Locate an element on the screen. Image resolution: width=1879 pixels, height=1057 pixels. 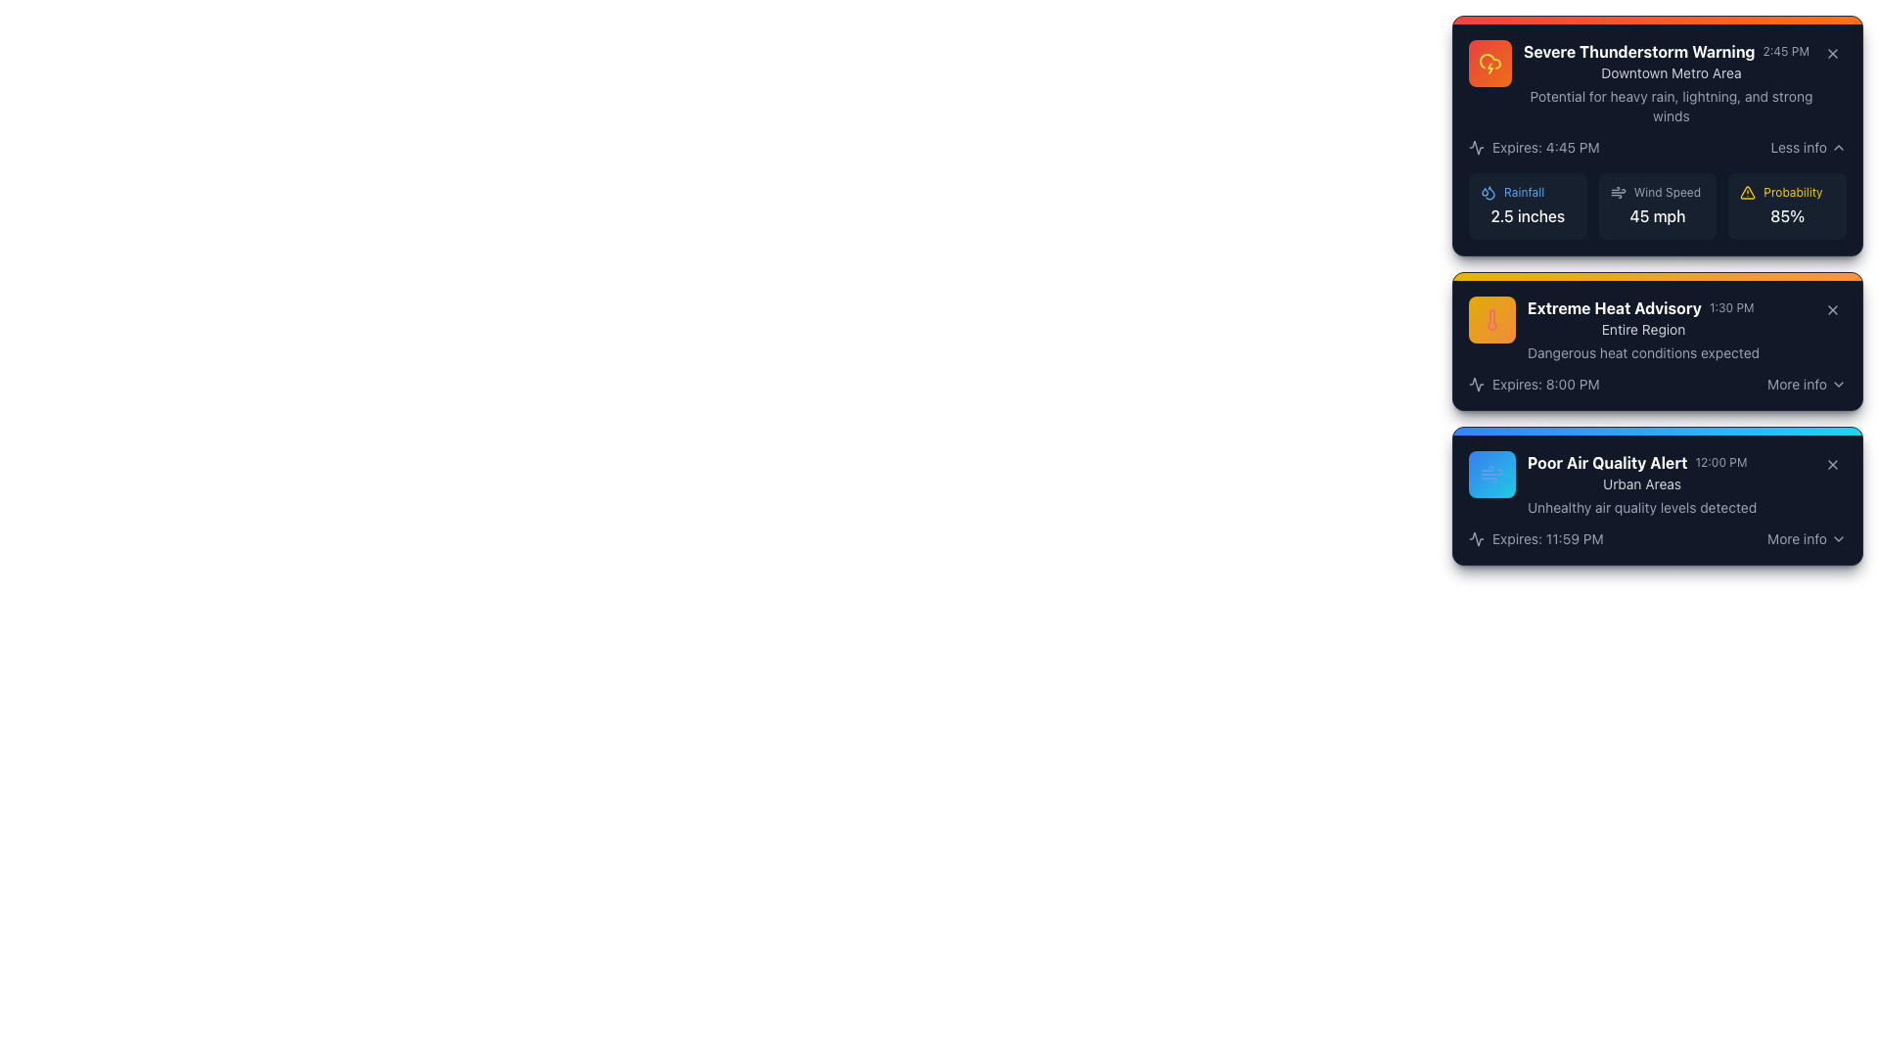
the 'Probability' text label, which is yellow and positioned in the top-right section of the Severe Thunderstorm Warning box, near the '85%' probability percentage is located at coordinates (1793, 192).